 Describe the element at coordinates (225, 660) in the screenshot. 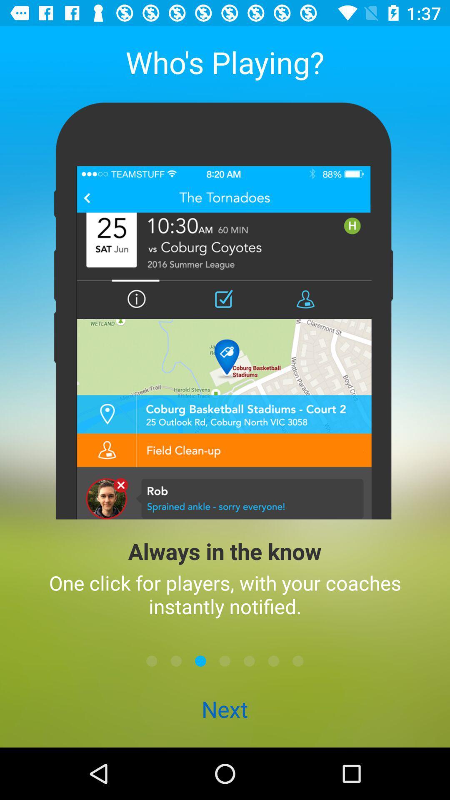

I see `next screen` at that location.